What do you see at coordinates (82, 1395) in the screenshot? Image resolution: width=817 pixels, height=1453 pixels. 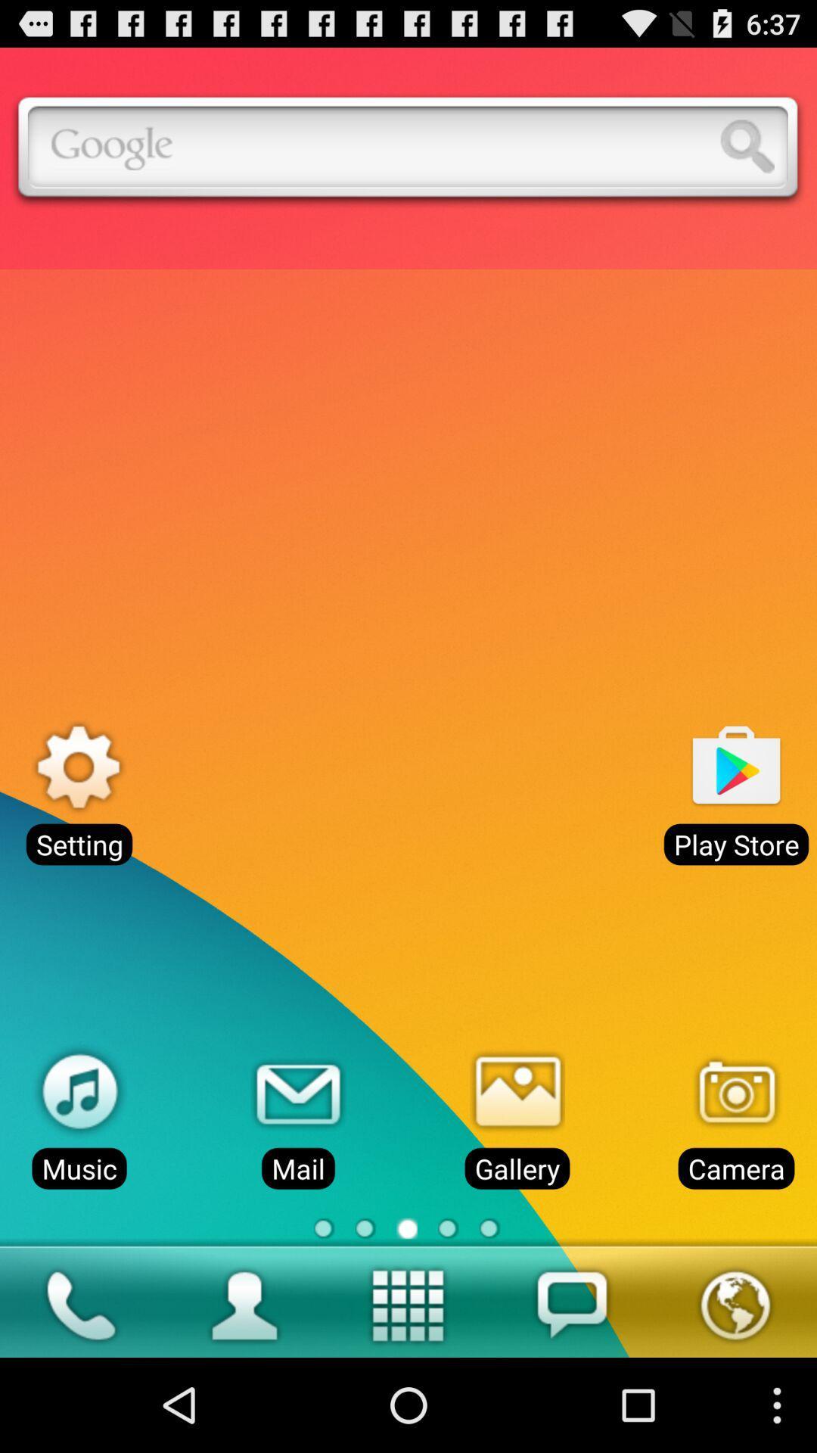 I see `the call icon` at bounding box center [82, 1395].